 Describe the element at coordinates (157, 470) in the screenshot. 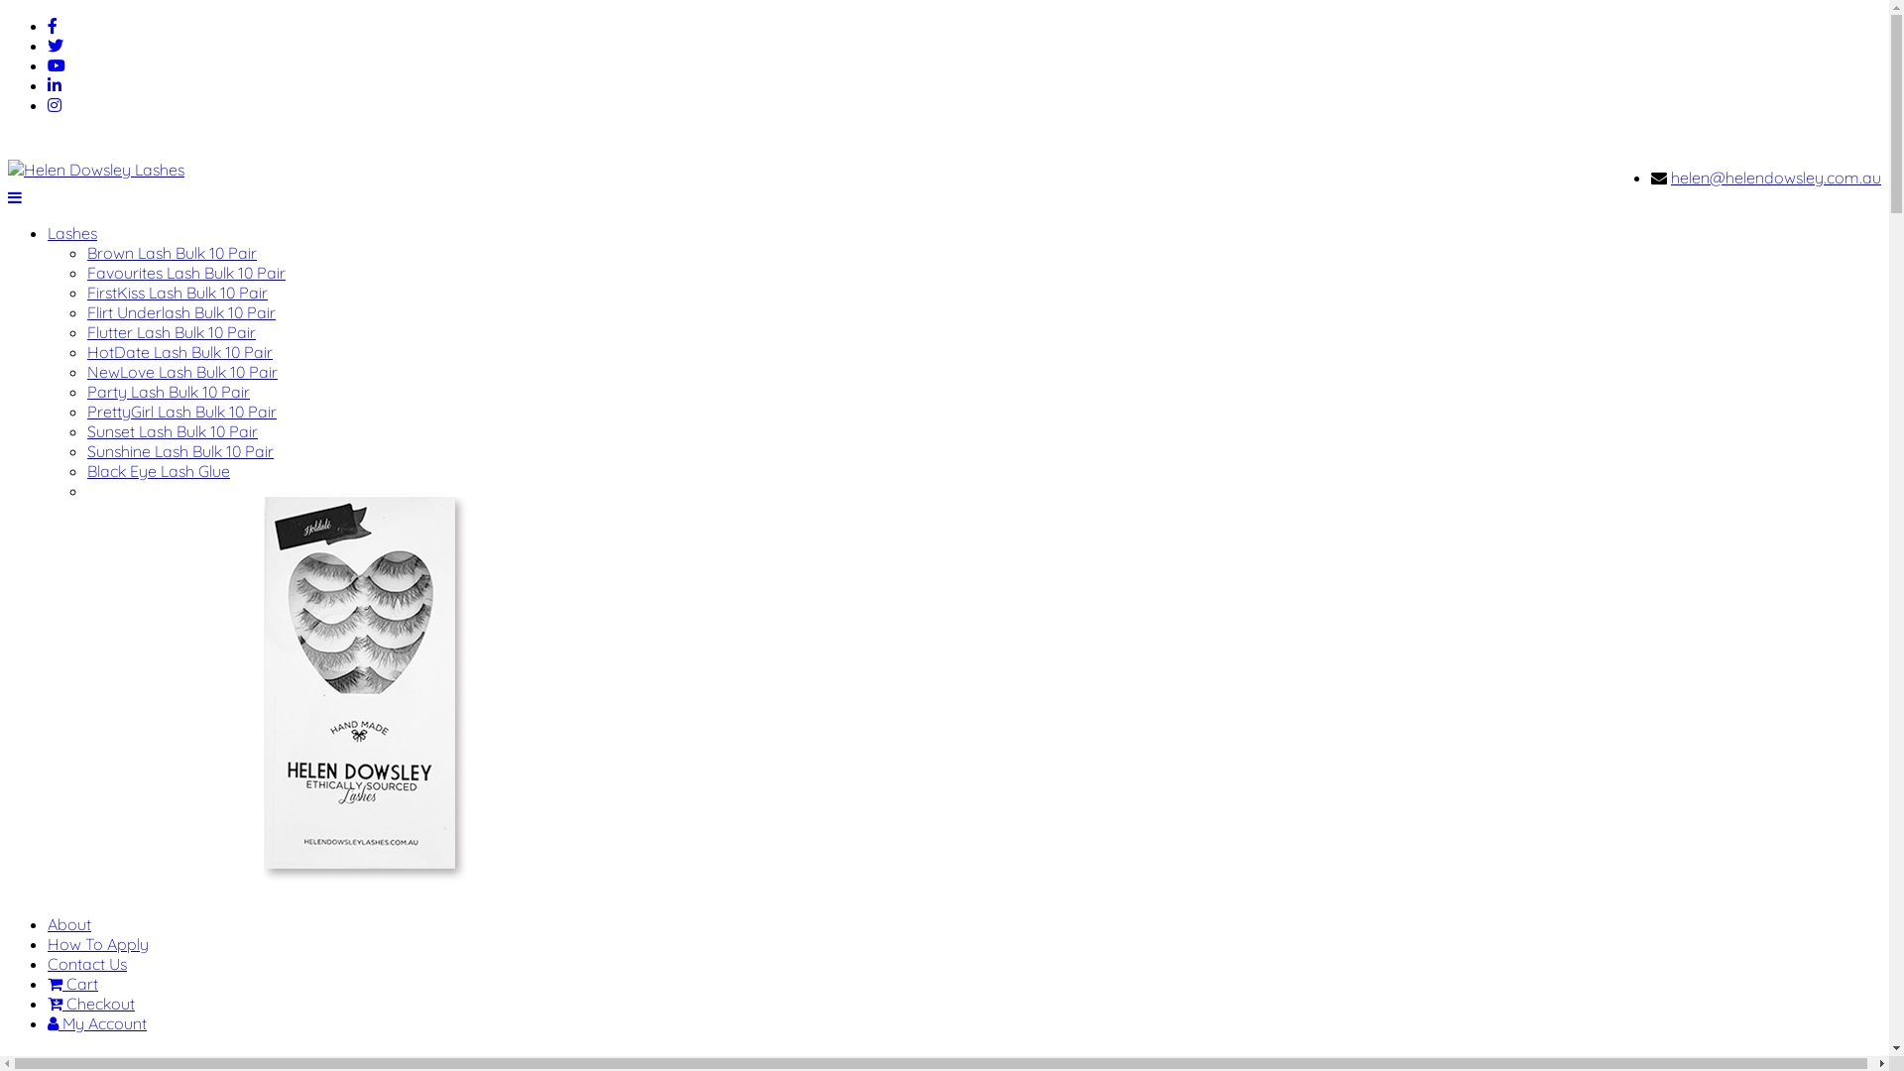

I see `'Black Eye Lash Glue'` at that location.